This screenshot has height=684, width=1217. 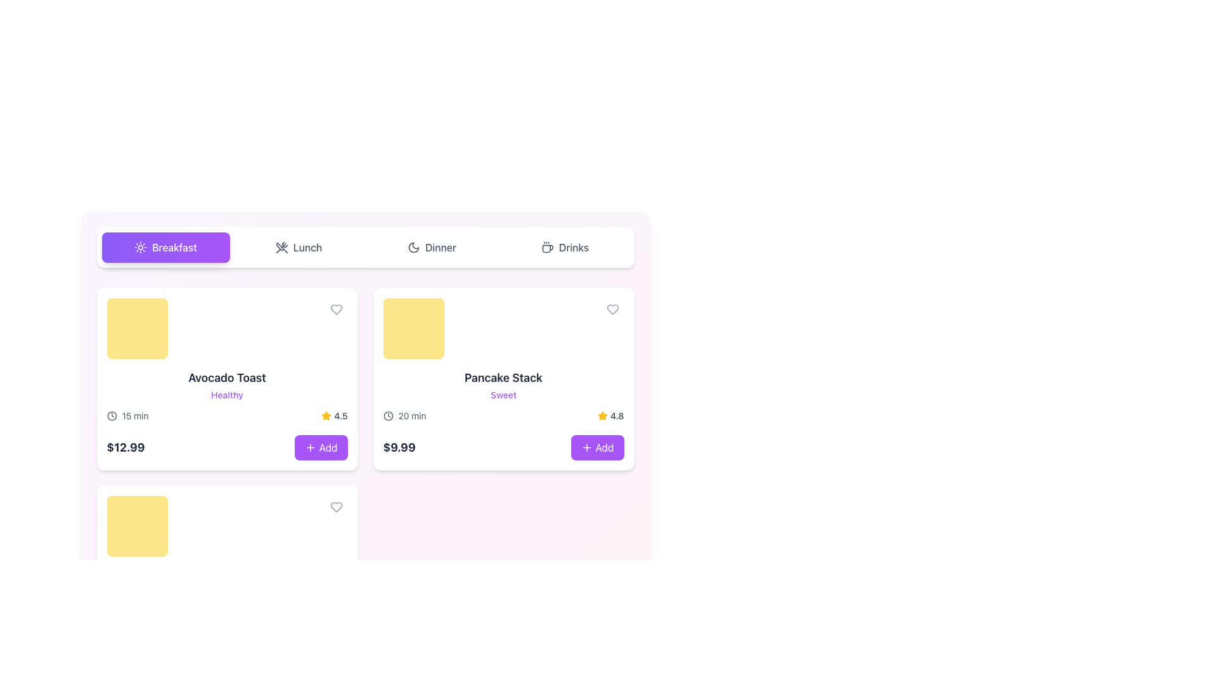 I want to click on the time indicator icon located to the left of the text '20 min' in the 'Pancake Stack' card, which is the second card in the first row of the menu grid, so click(x=387, y=415).